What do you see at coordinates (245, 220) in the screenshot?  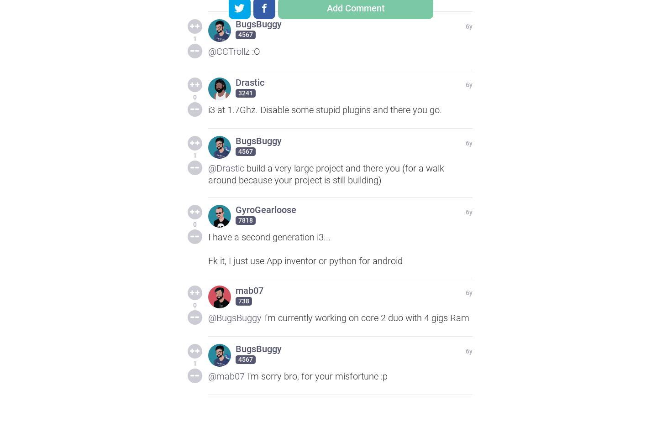 I see `'7818'` at bounding box center [245, 220].